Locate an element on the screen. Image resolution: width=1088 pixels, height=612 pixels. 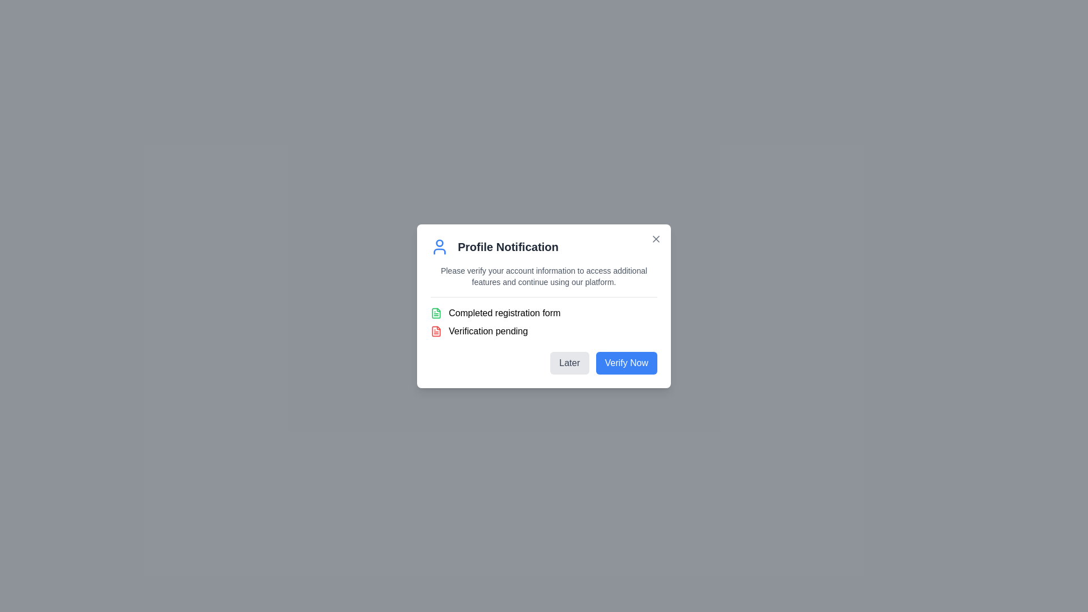
text from the status indicator Text label with icon, which is the first item in a vertical stack, positioned above the 'Verification pending' element is located at coordinates (544, 312).